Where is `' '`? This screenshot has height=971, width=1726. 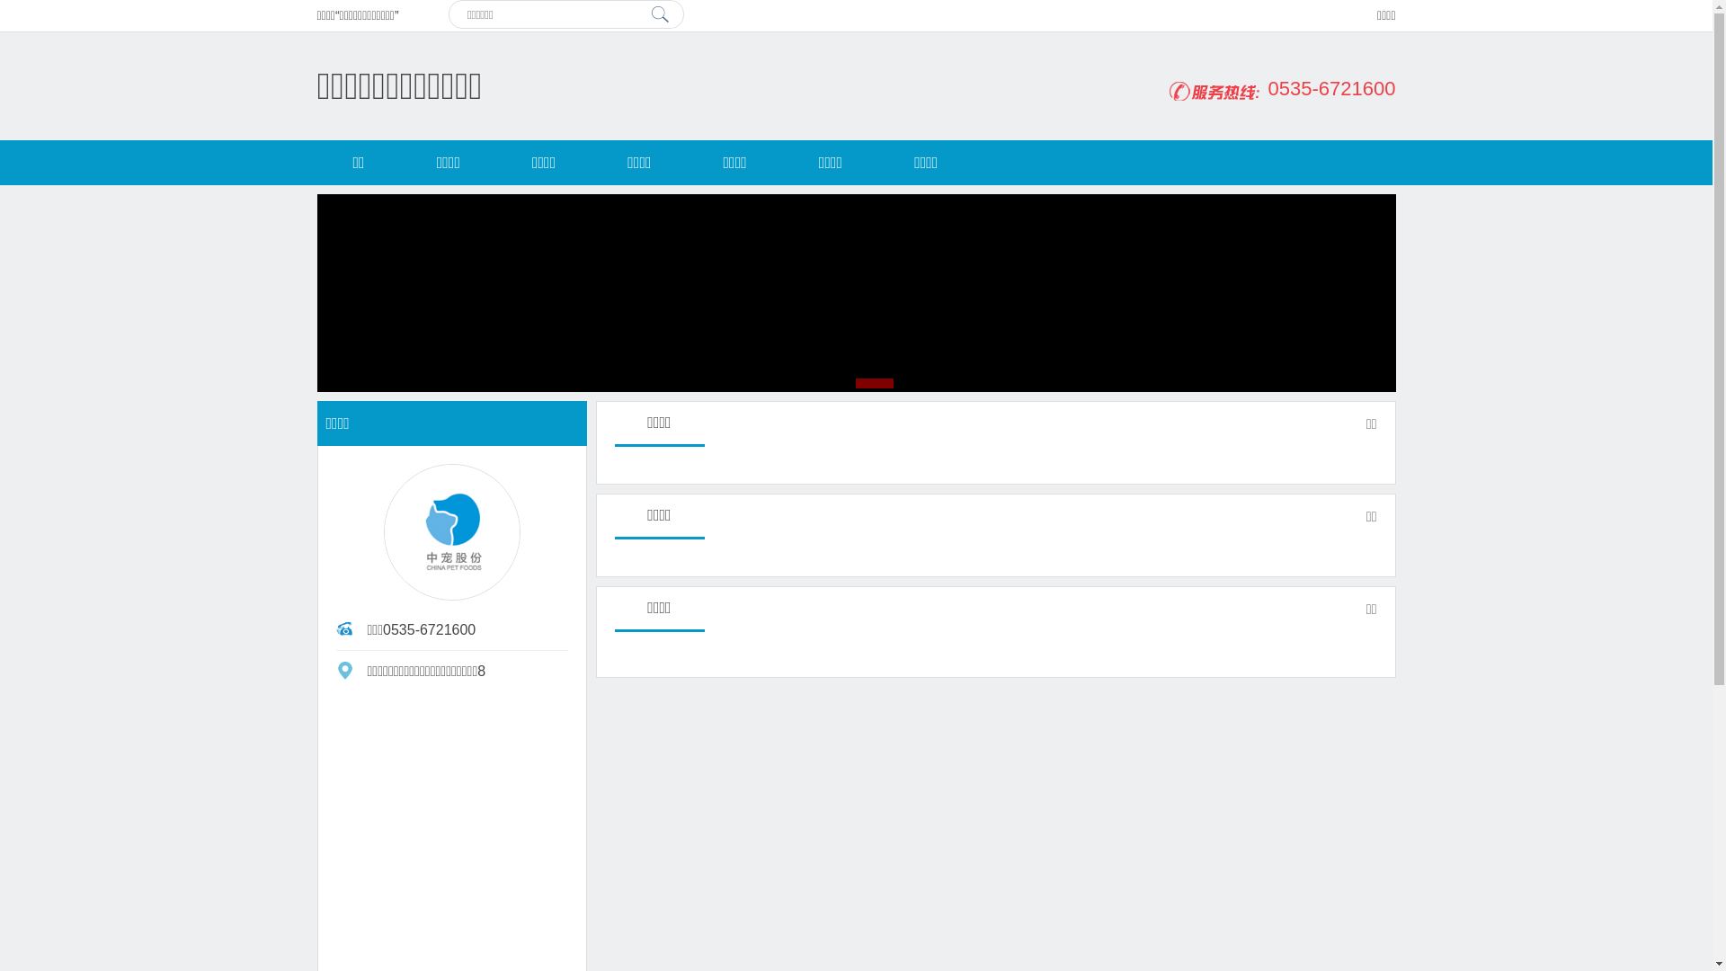
' ' is located at coordinates (659, 13).